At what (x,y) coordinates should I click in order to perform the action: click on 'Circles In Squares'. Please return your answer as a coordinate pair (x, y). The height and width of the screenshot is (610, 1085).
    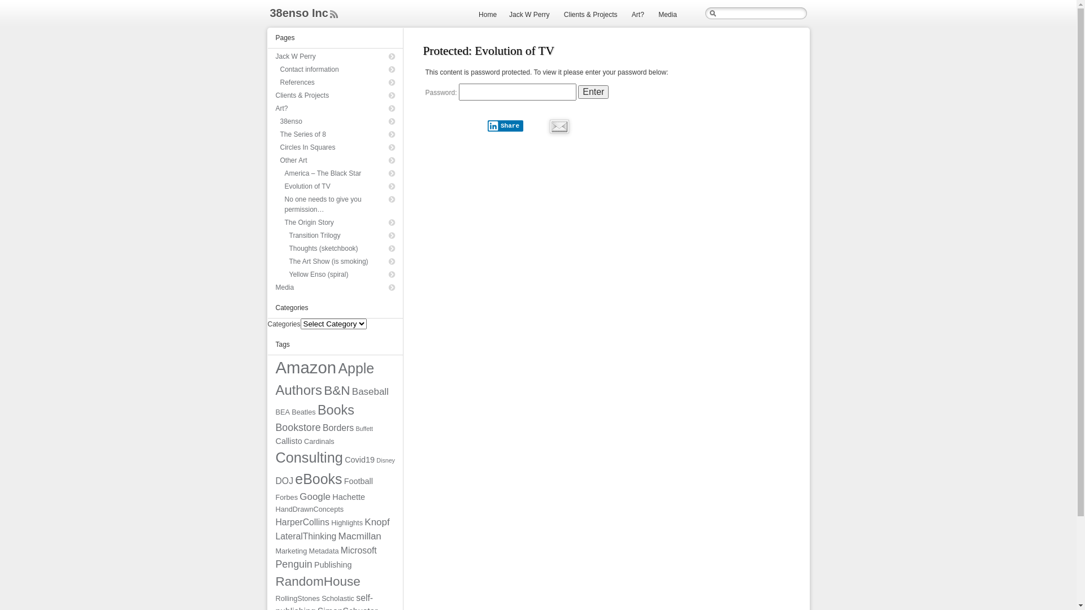
    Looking at the image, I should click on (337, 147).